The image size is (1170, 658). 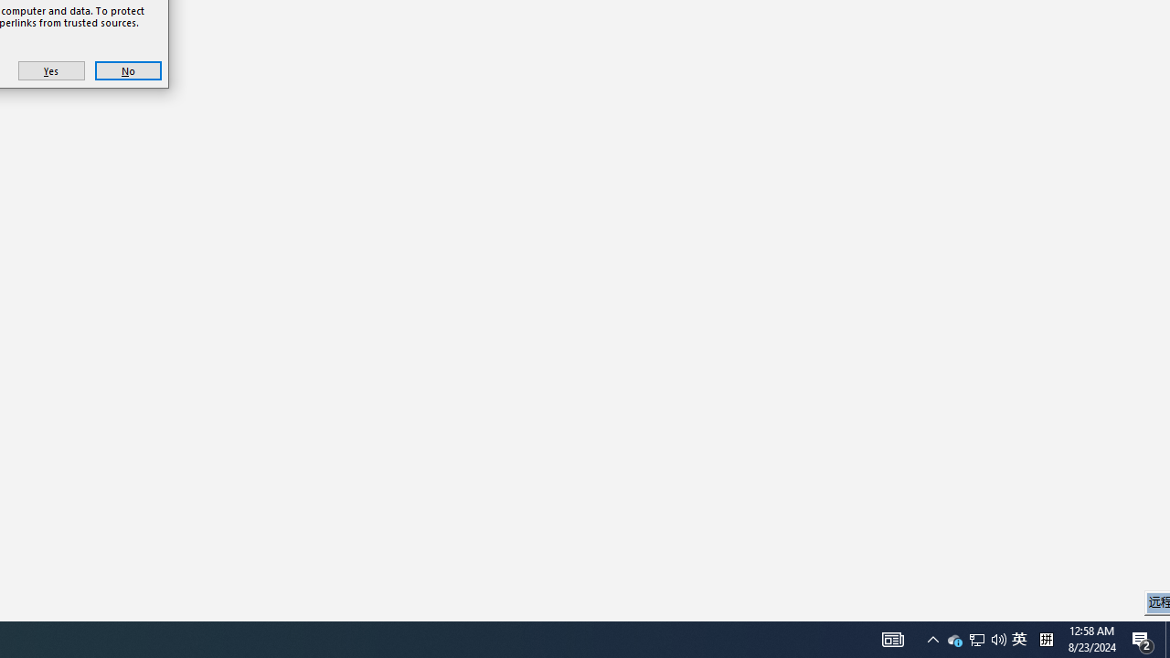 What do you see at coordinates (51, 69) in the screenshot?
I see `'Yes'` at bounding box center [51, 69].